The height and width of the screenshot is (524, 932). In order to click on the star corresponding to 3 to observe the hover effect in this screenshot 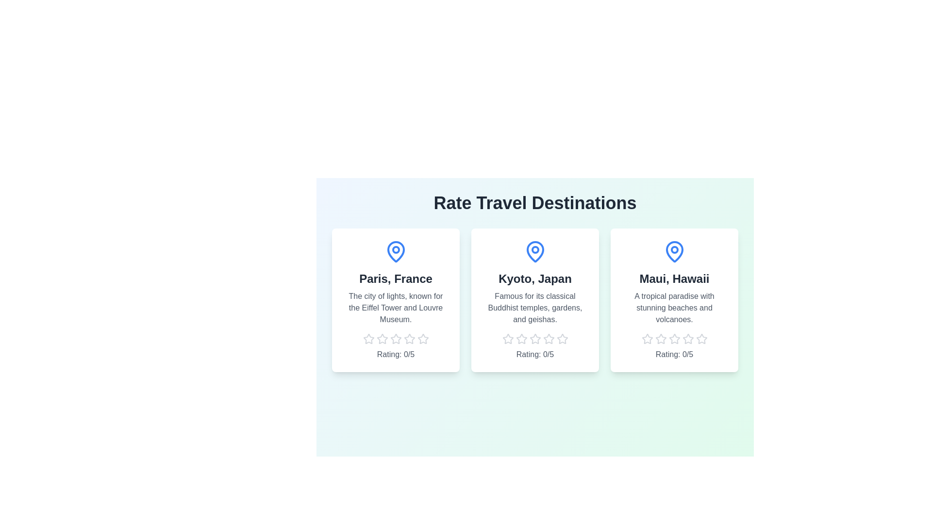, I will do `click(396, 338)`.